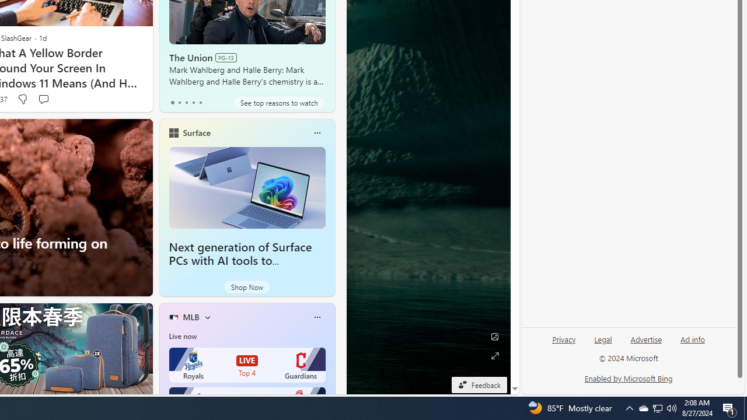 This screenshot has width=747, height=420. Describe the element at coordinates (495, 337) in the screenshot. I see `'Edit Background'` at that location.